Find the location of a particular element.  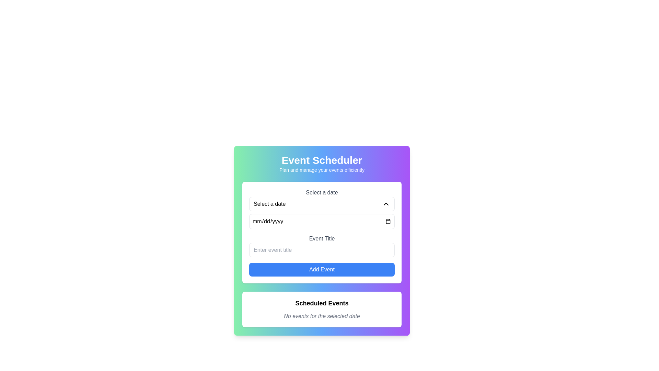

text label that serves as the header for the scheduled events section, positioned at the top of a white, shadowed, rounded rectangular area below the 'Event Scheduler' form is located at coordinates (321, 303).